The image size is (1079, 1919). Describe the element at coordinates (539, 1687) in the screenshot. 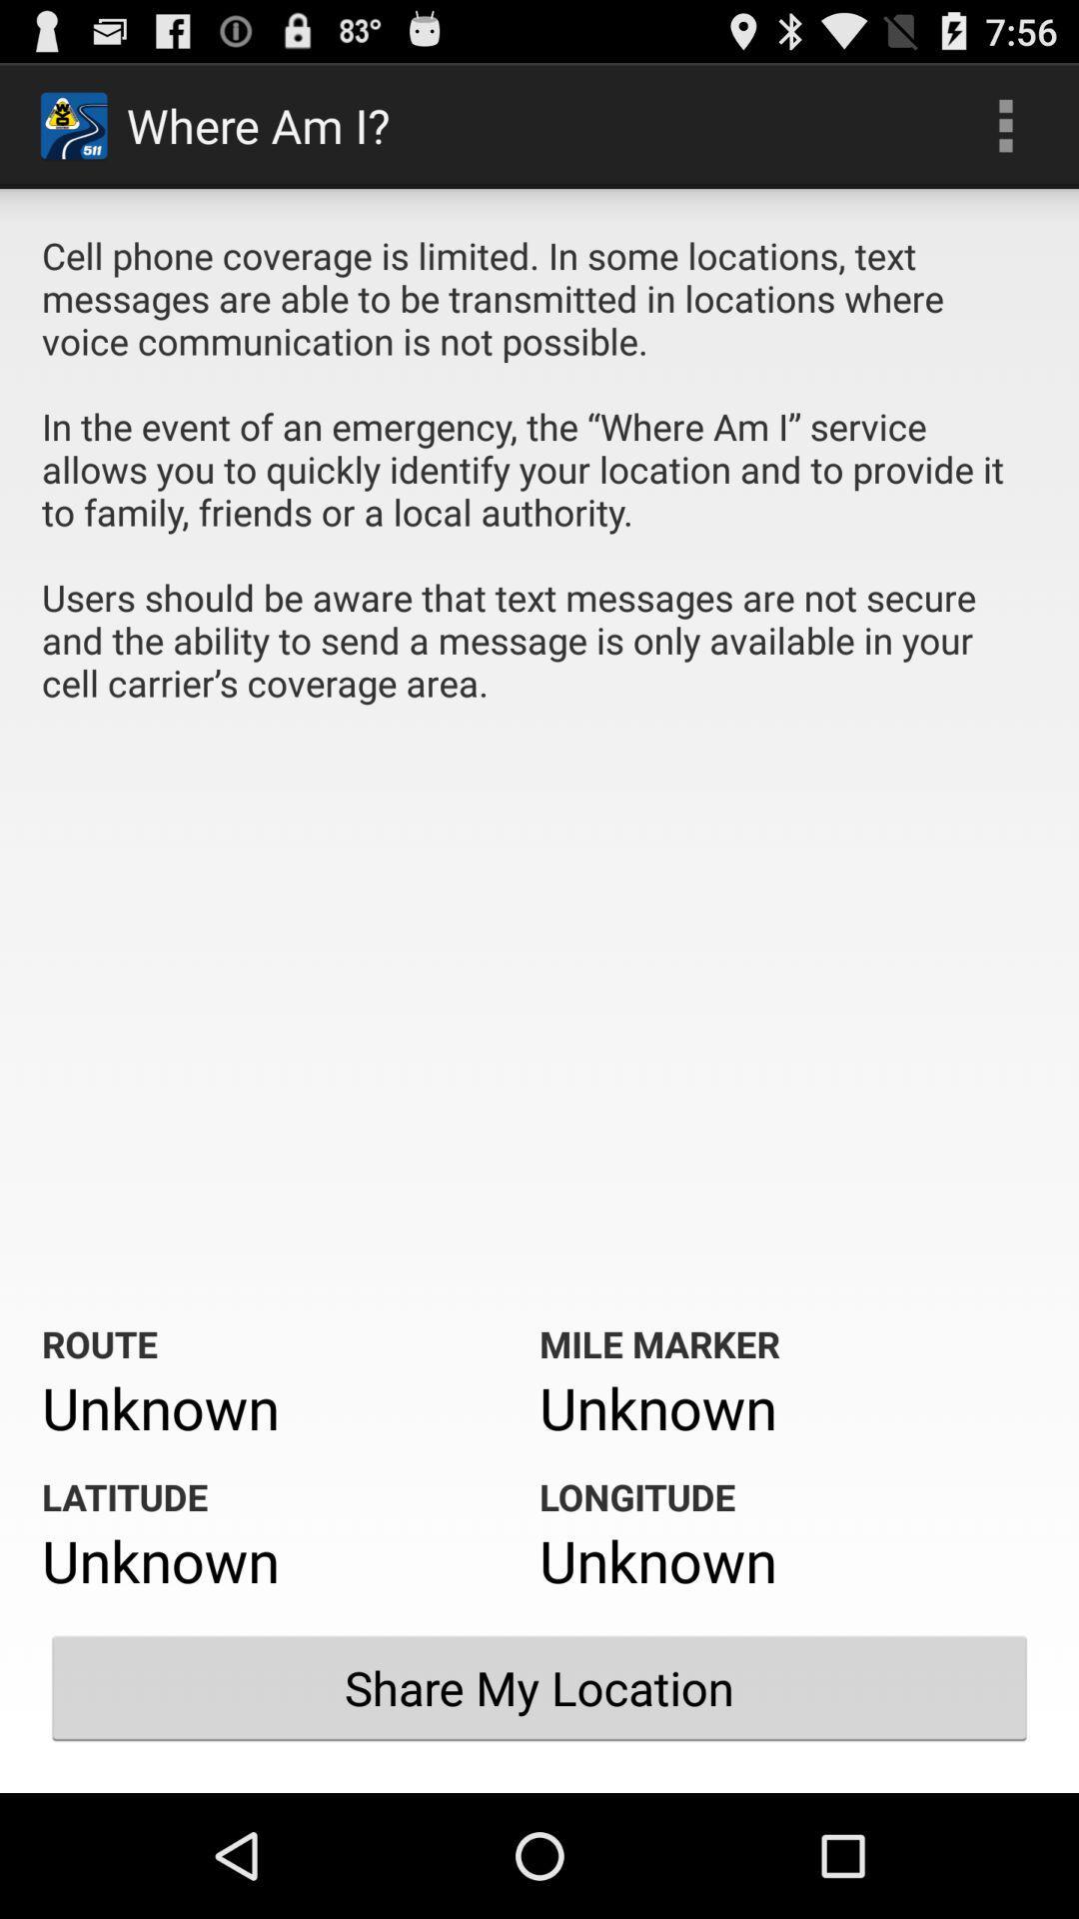

I see `the button in bottom of the page` at that location.